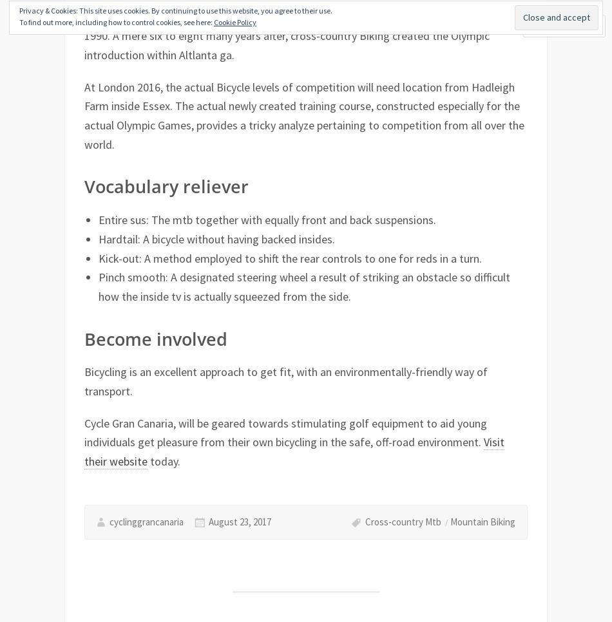 This screenshot has height=622, width=612. Describe the element at coordinates (155, 338) in the screenshot. I see `'Become involved'` at that location.